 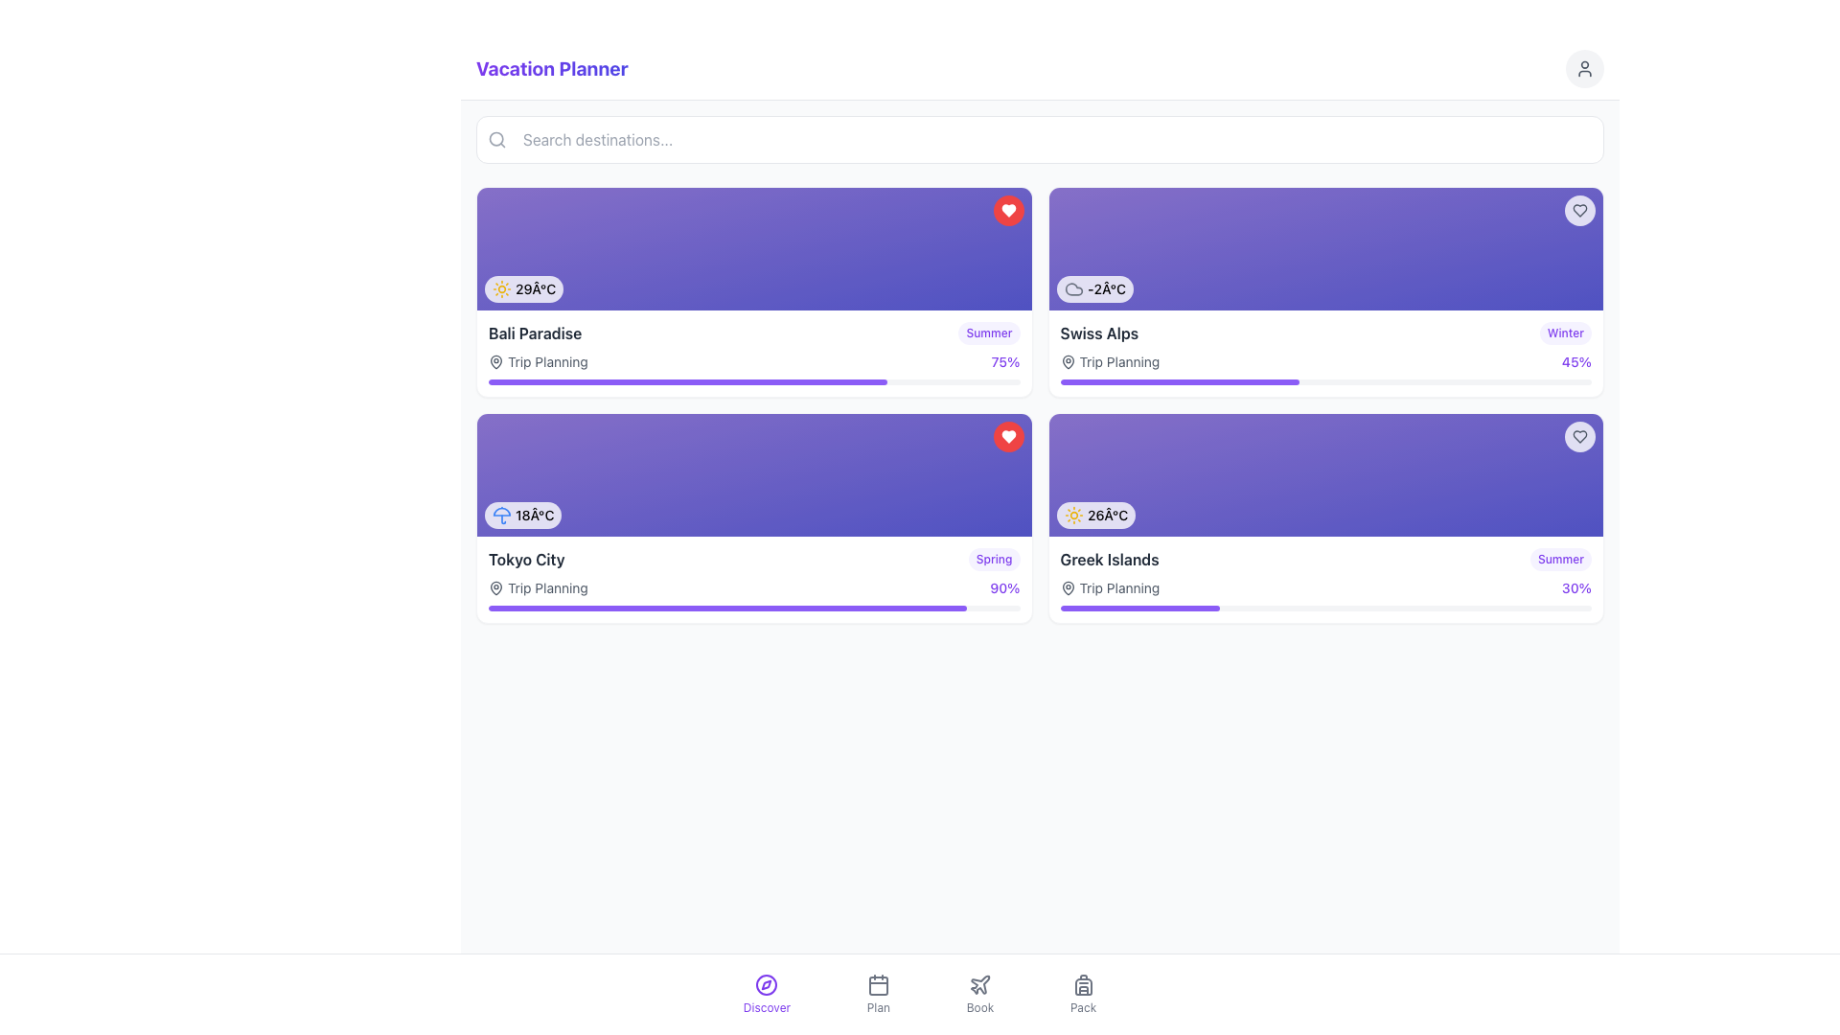 I want to click on the circular button with a light gray background and a user profile silhouette icon located at the top-right corner of the navigation bar, so click(x=1585, y=68).